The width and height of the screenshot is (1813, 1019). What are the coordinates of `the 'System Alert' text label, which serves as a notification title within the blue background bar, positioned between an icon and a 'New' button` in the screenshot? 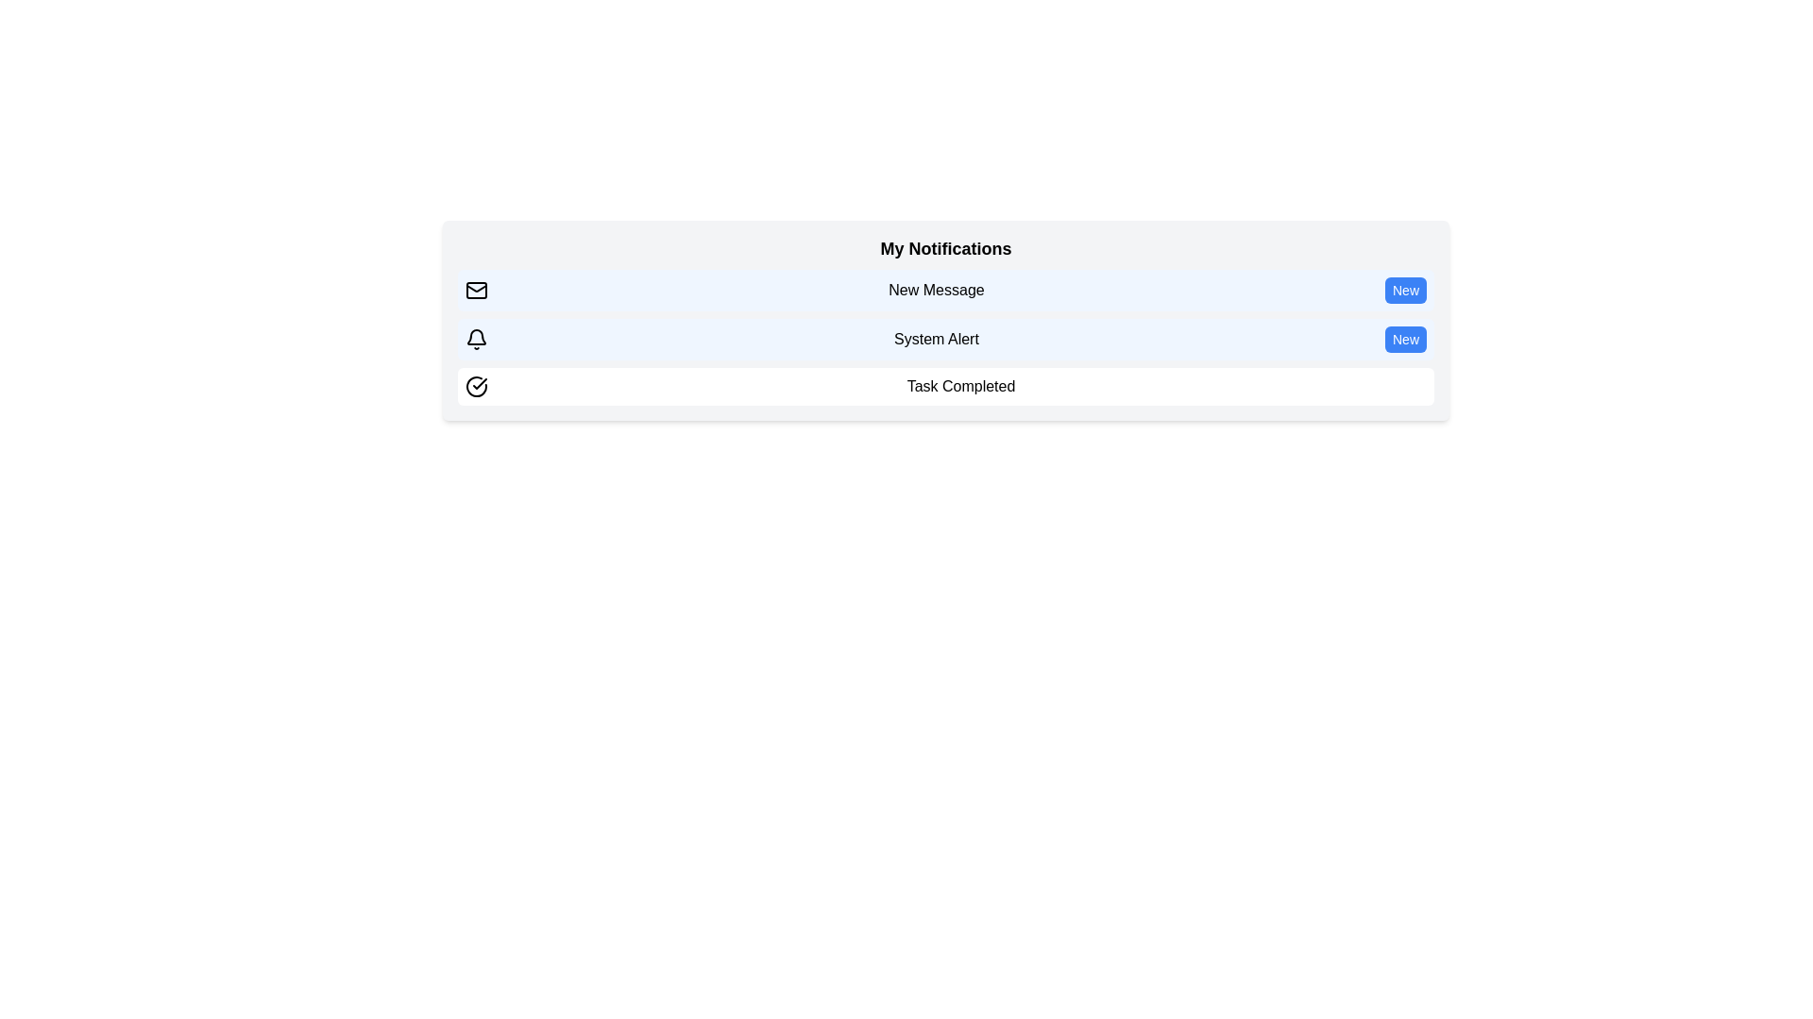 It's located at (937, 338).